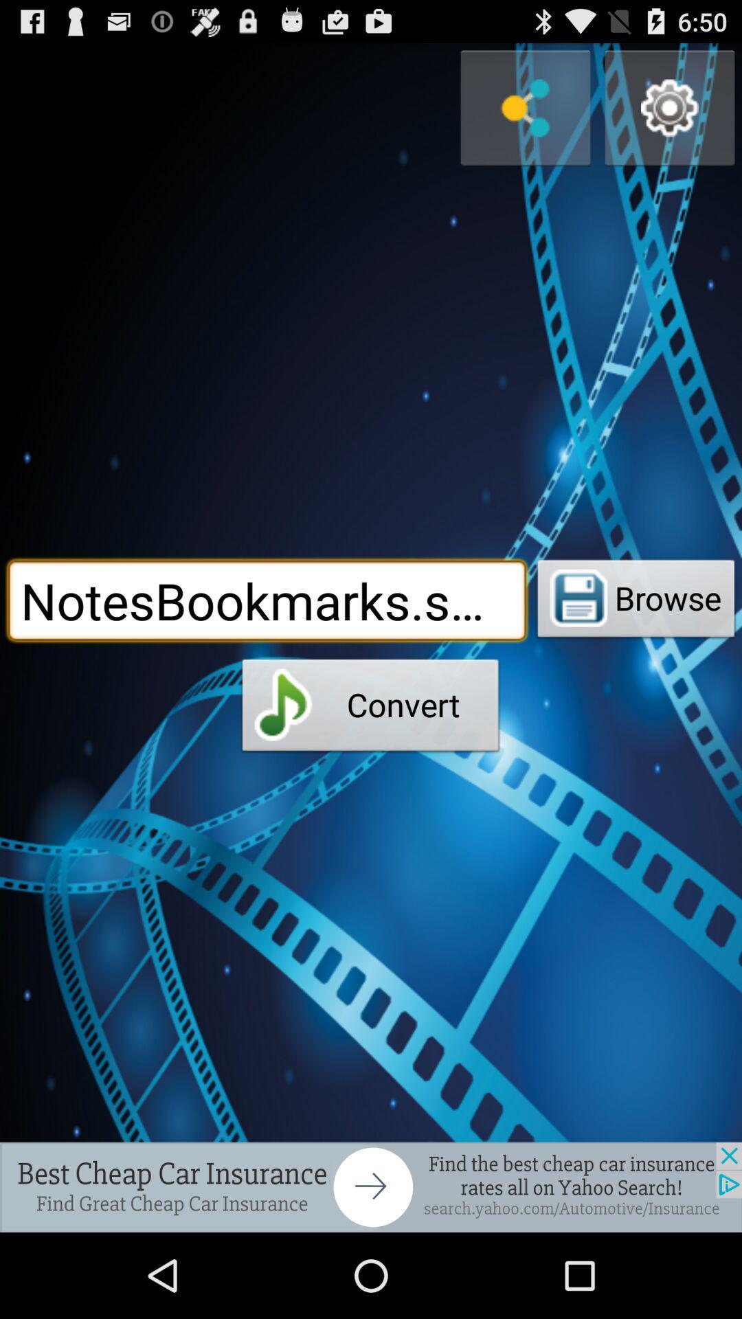 Image resolution: width=742 pixels, height=1319 pixels. What do you see at coordinates (669, 107) in the screenshot?
I see `settings` at bounding box center [669, 107].